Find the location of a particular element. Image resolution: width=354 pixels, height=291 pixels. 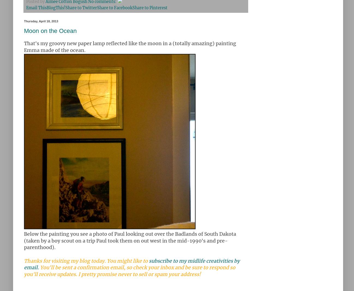

'You'll be sent a confirmation email, so check your inbox and be sure to respond so you'll receive updates.  I pretty promise never to sell or spam your address!' is located at coordinates (130, 271).